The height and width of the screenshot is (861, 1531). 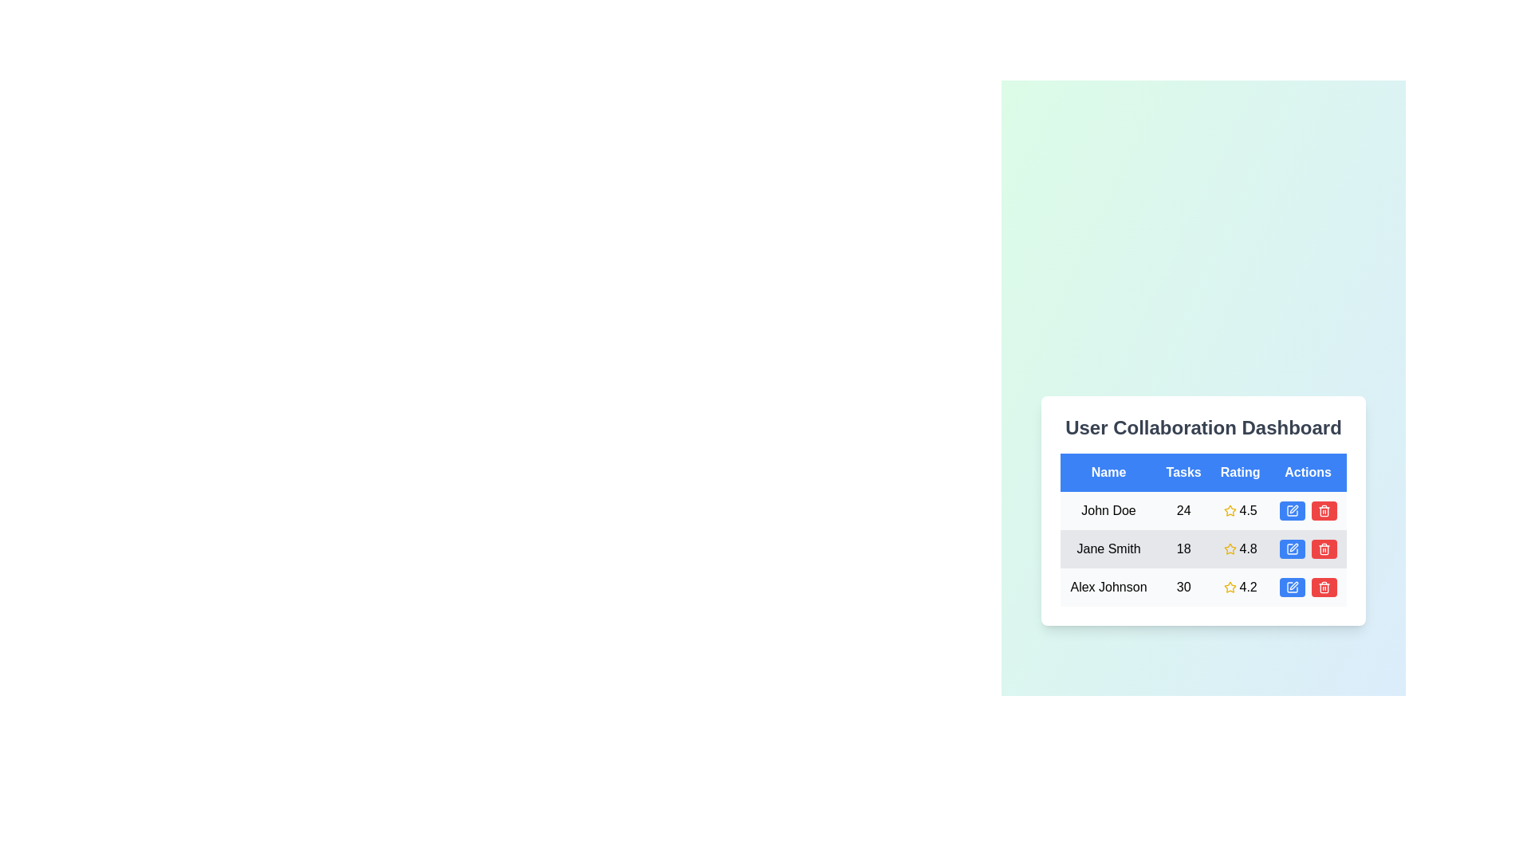 What do you see at coordinates (1324, 587) in the screenshot?
I see `the red trash can icon in the 'Actions' column of the User Collaboration Dashboard, associated with 'Alex Johnson'` at bounding box center [1324, 587].